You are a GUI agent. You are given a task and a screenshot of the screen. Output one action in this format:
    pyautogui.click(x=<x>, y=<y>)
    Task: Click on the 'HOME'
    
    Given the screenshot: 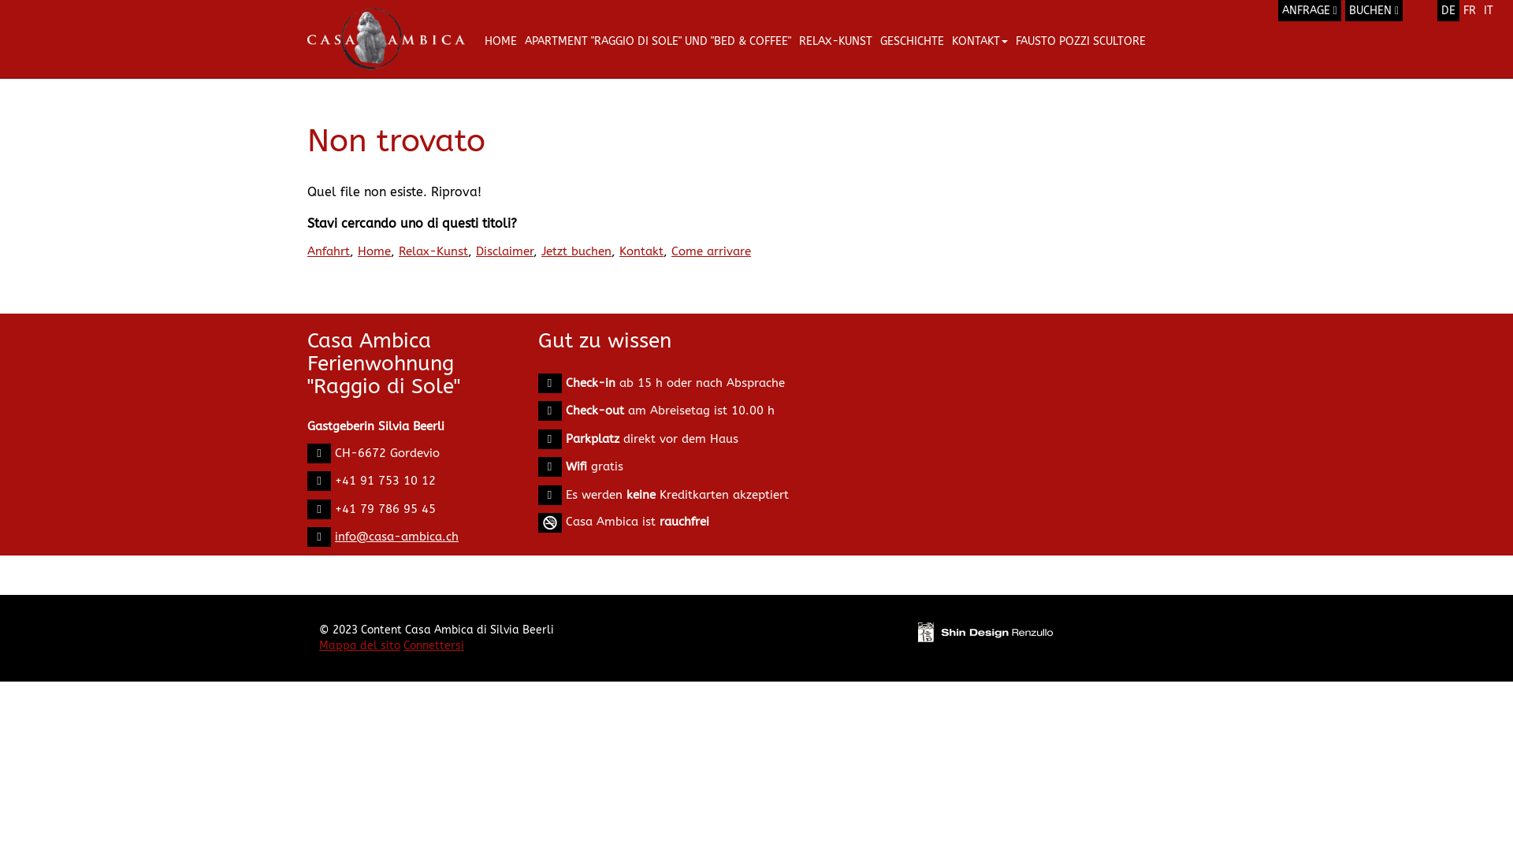 What is the action you would take?
    pyautogui.click(x=500, y=40)
    